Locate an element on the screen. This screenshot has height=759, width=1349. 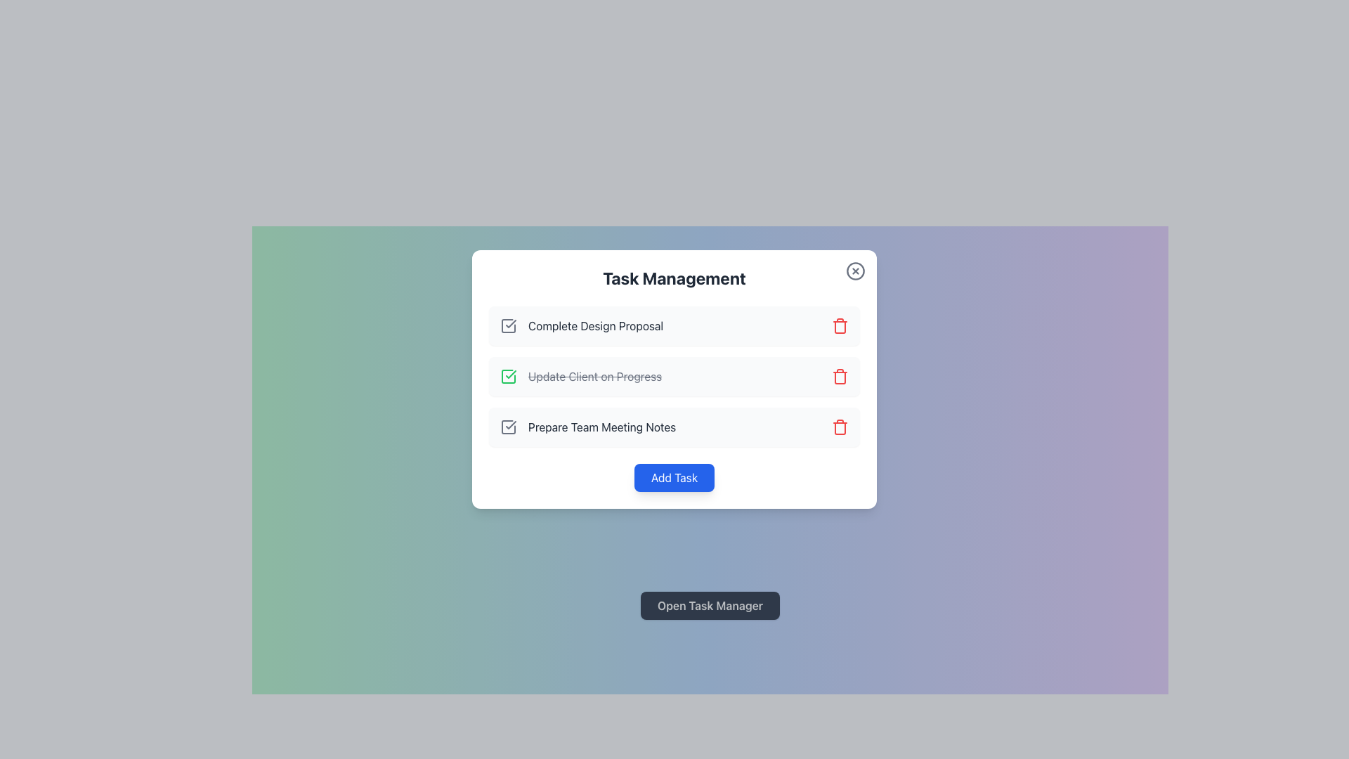
the rectangular button with a dark gray background labeled 'Open Task Manager' is located at coordinates (710, 604).